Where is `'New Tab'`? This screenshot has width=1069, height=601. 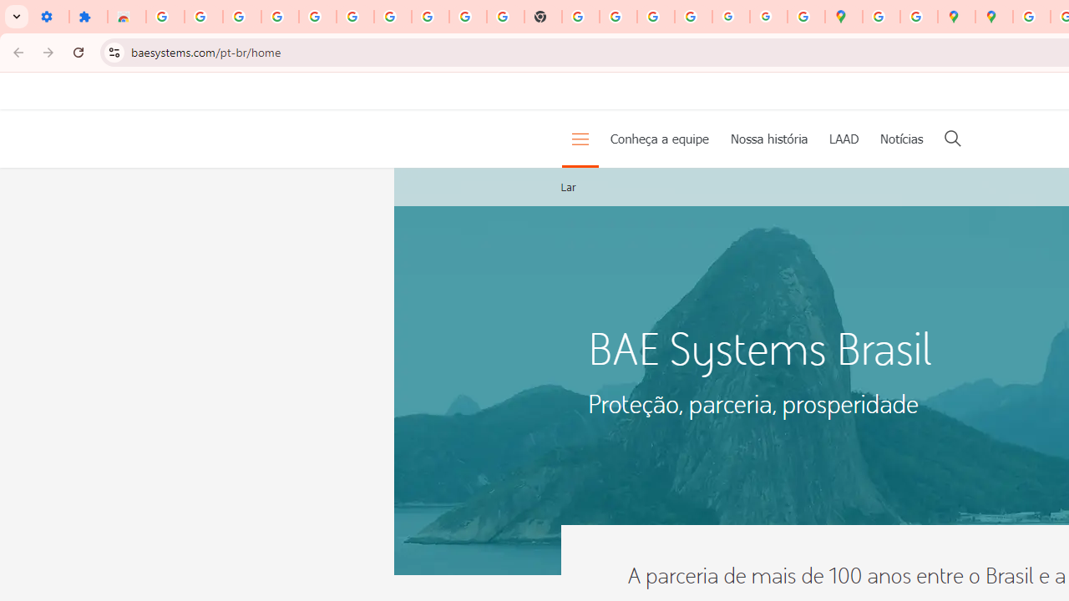
'New Tab' is located at coordinates (543, 17).